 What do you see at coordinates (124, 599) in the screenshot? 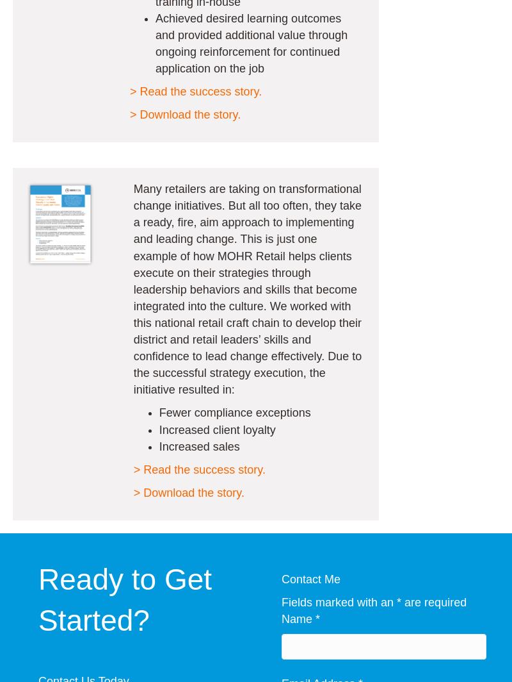
I see `'Ready to Get Started?'` at bounding box center [124, 599].